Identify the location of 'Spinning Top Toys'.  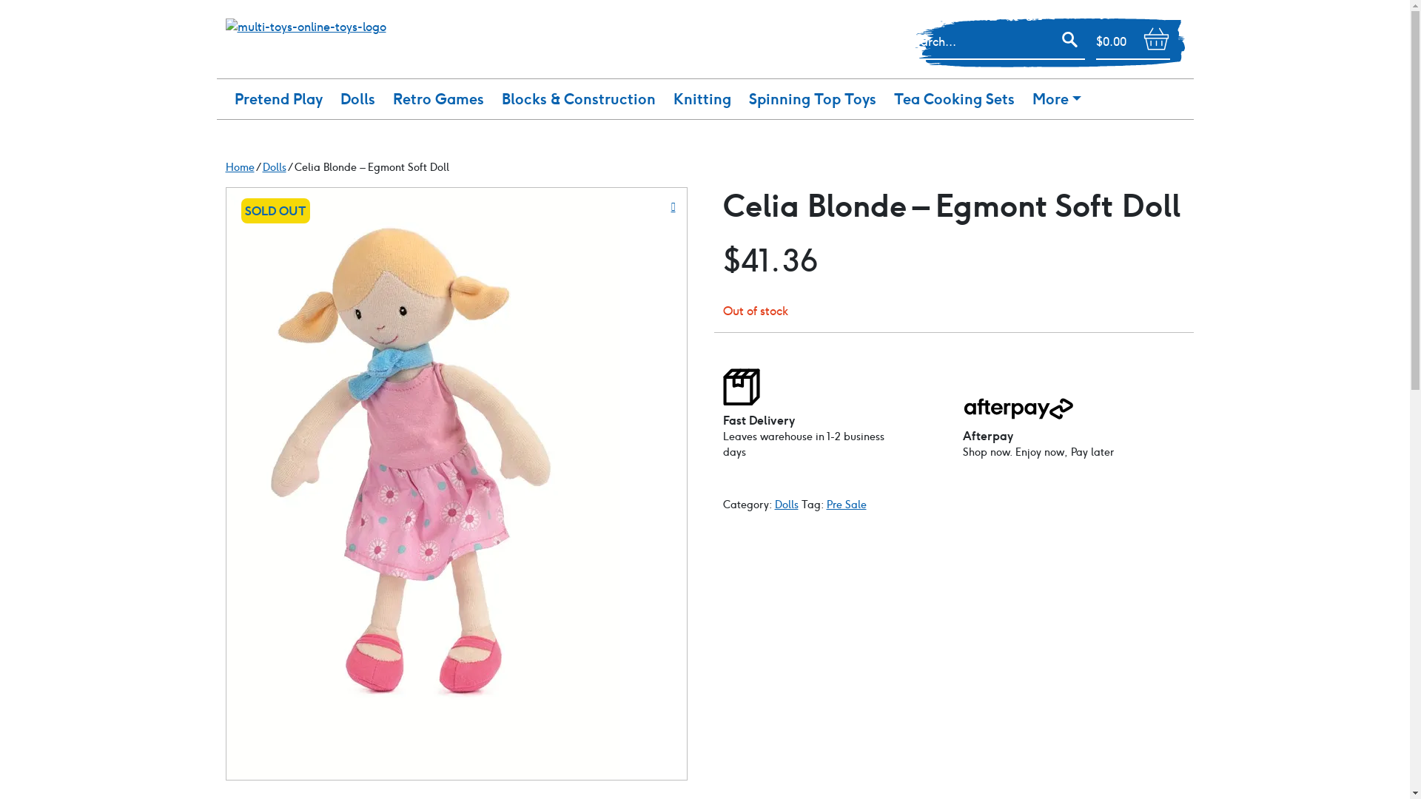
(739, 99).